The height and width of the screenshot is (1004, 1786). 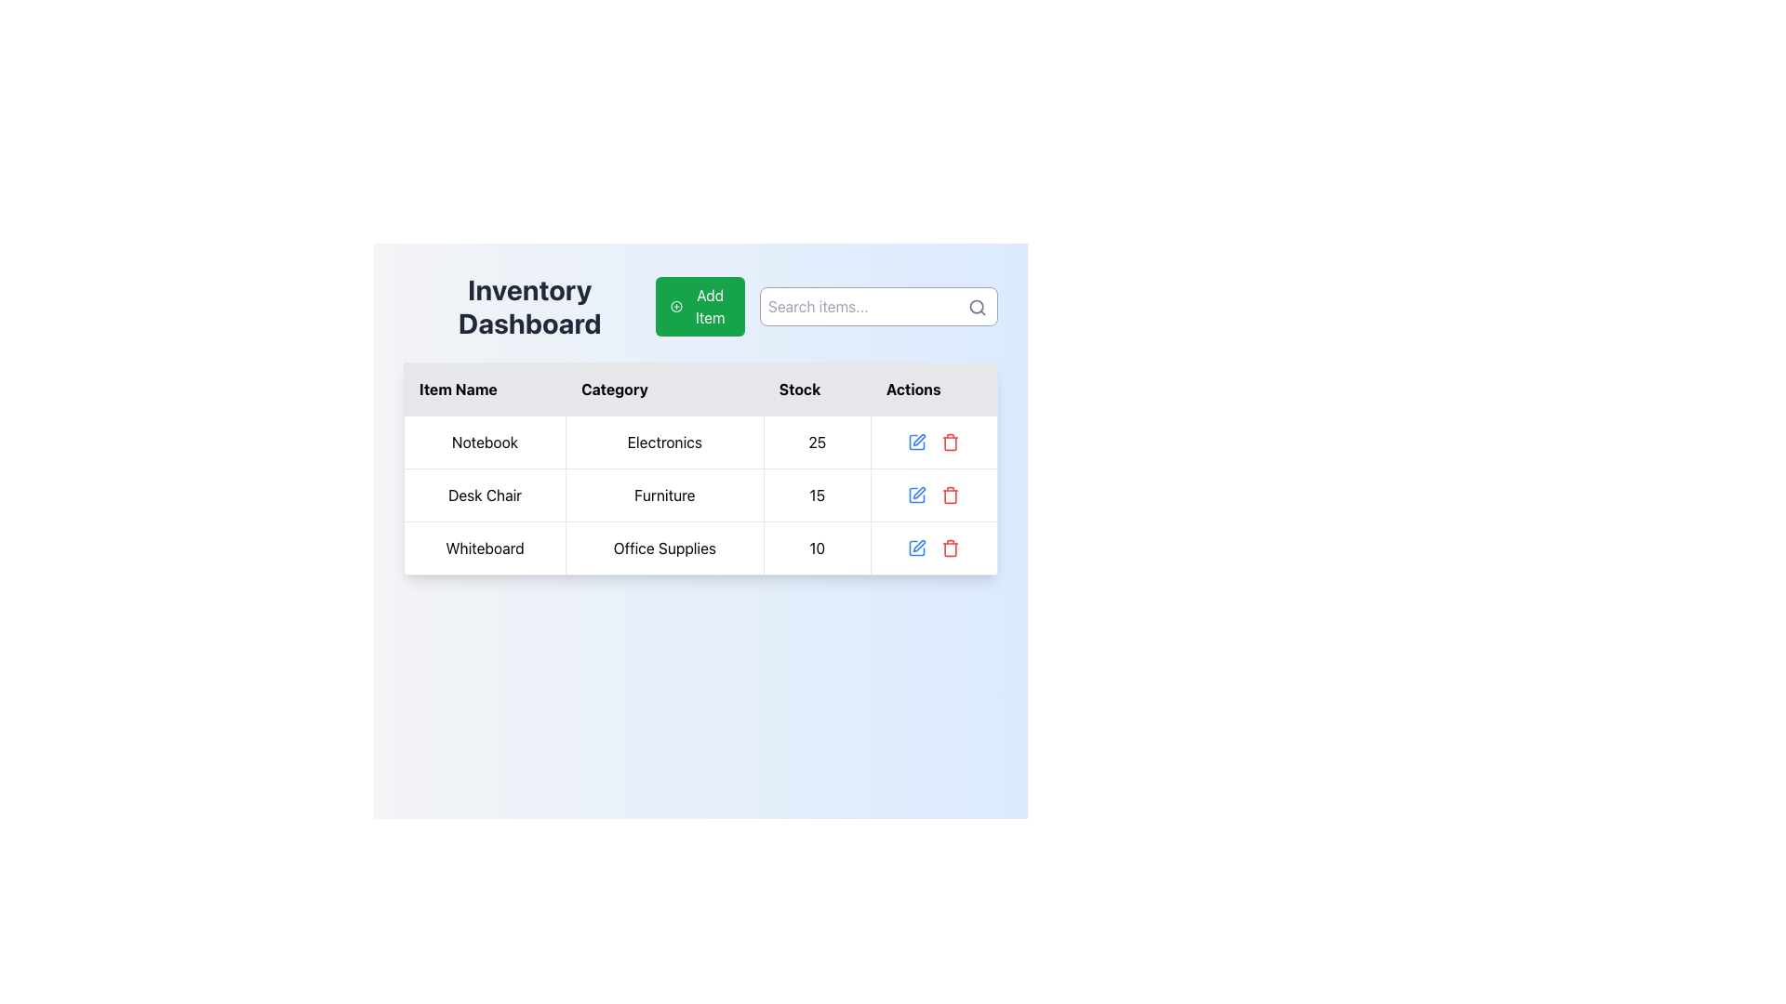 I want to click on the static text label displaying 'Office Supplies' located in the second column of the third row of the table, beneath the 'Category' header, so click(x=664, y=548).